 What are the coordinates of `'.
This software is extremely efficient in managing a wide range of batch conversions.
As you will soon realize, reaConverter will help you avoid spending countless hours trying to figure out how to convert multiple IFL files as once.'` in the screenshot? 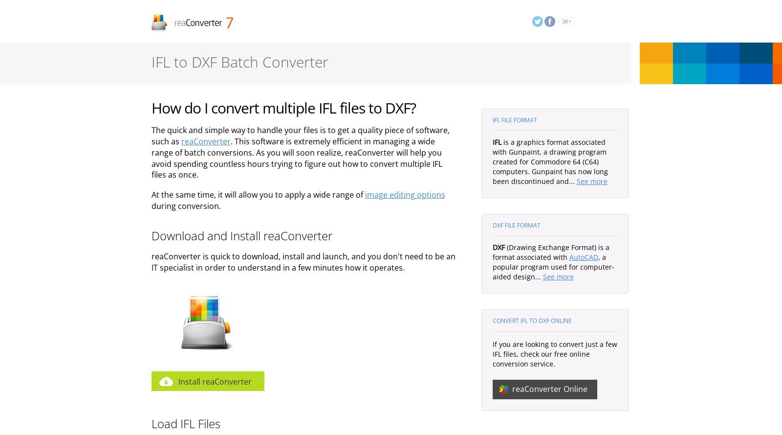 It's located at (296, 157).